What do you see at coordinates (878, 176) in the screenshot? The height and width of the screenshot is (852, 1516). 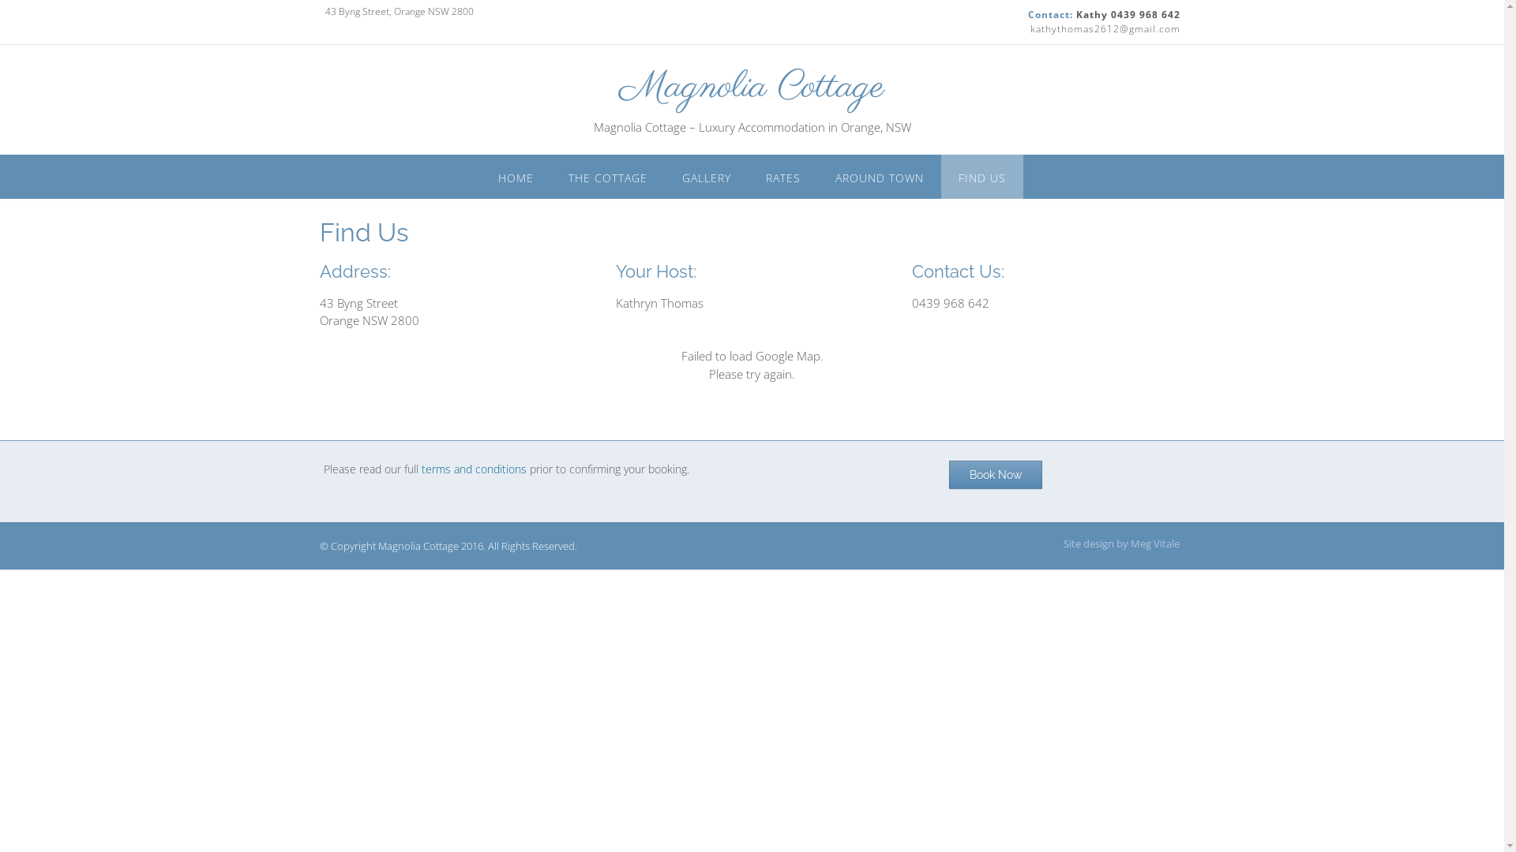 I see `'AROUND TOWN'` at bounding box center [878, 176].